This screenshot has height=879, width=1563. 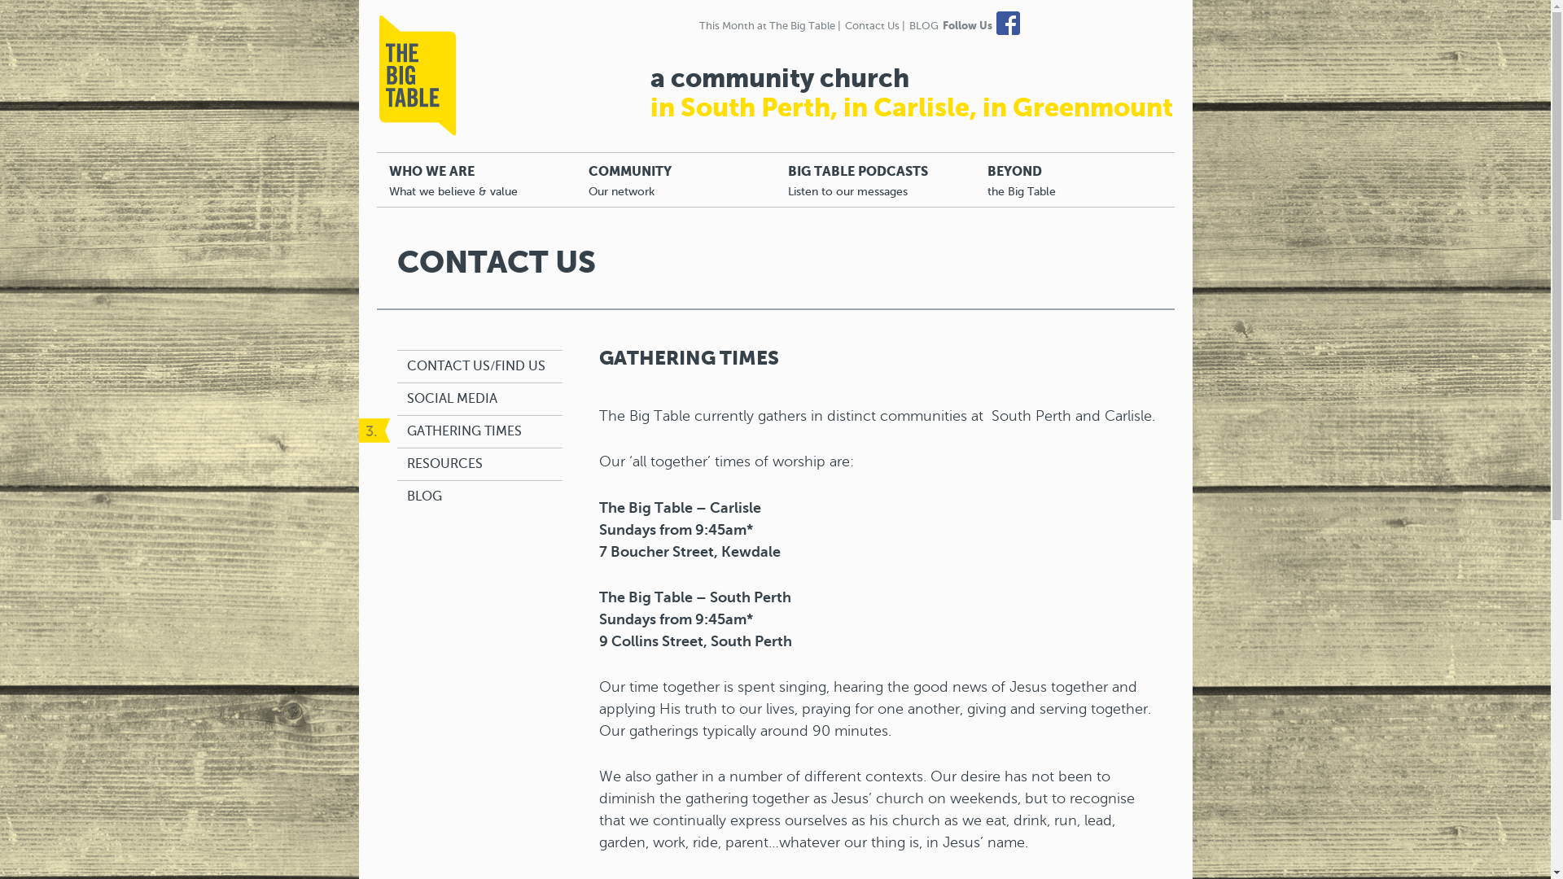 I want to click on 'RESOURCES', so click(x=406, y=464).